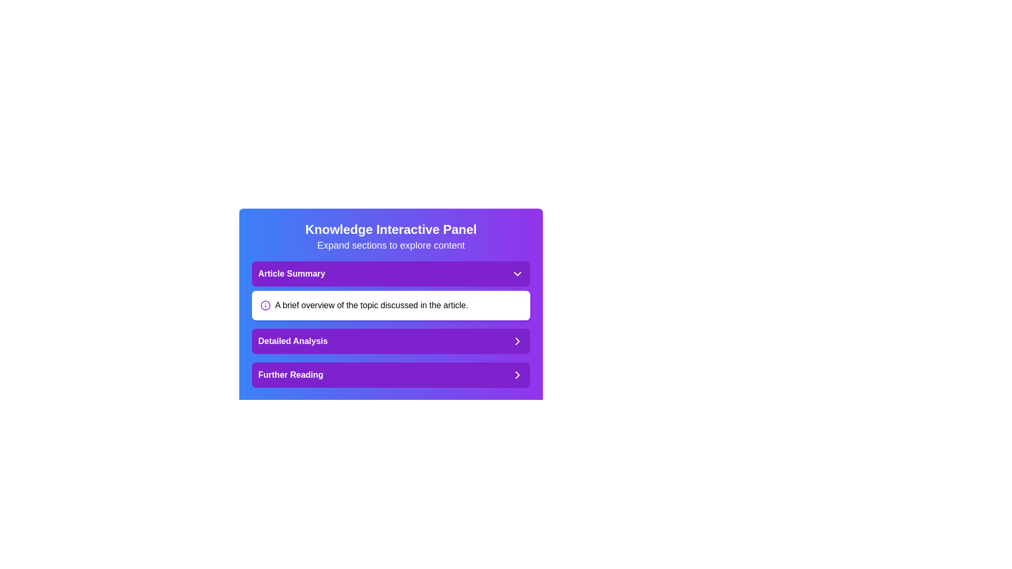 This screenshot has height=569, width=1012. Describe the element at coordinates (290, 375) in the screenshot. I see `textual content of the Bold Text Label that serves as a label for its enclosing purple button` at that location.